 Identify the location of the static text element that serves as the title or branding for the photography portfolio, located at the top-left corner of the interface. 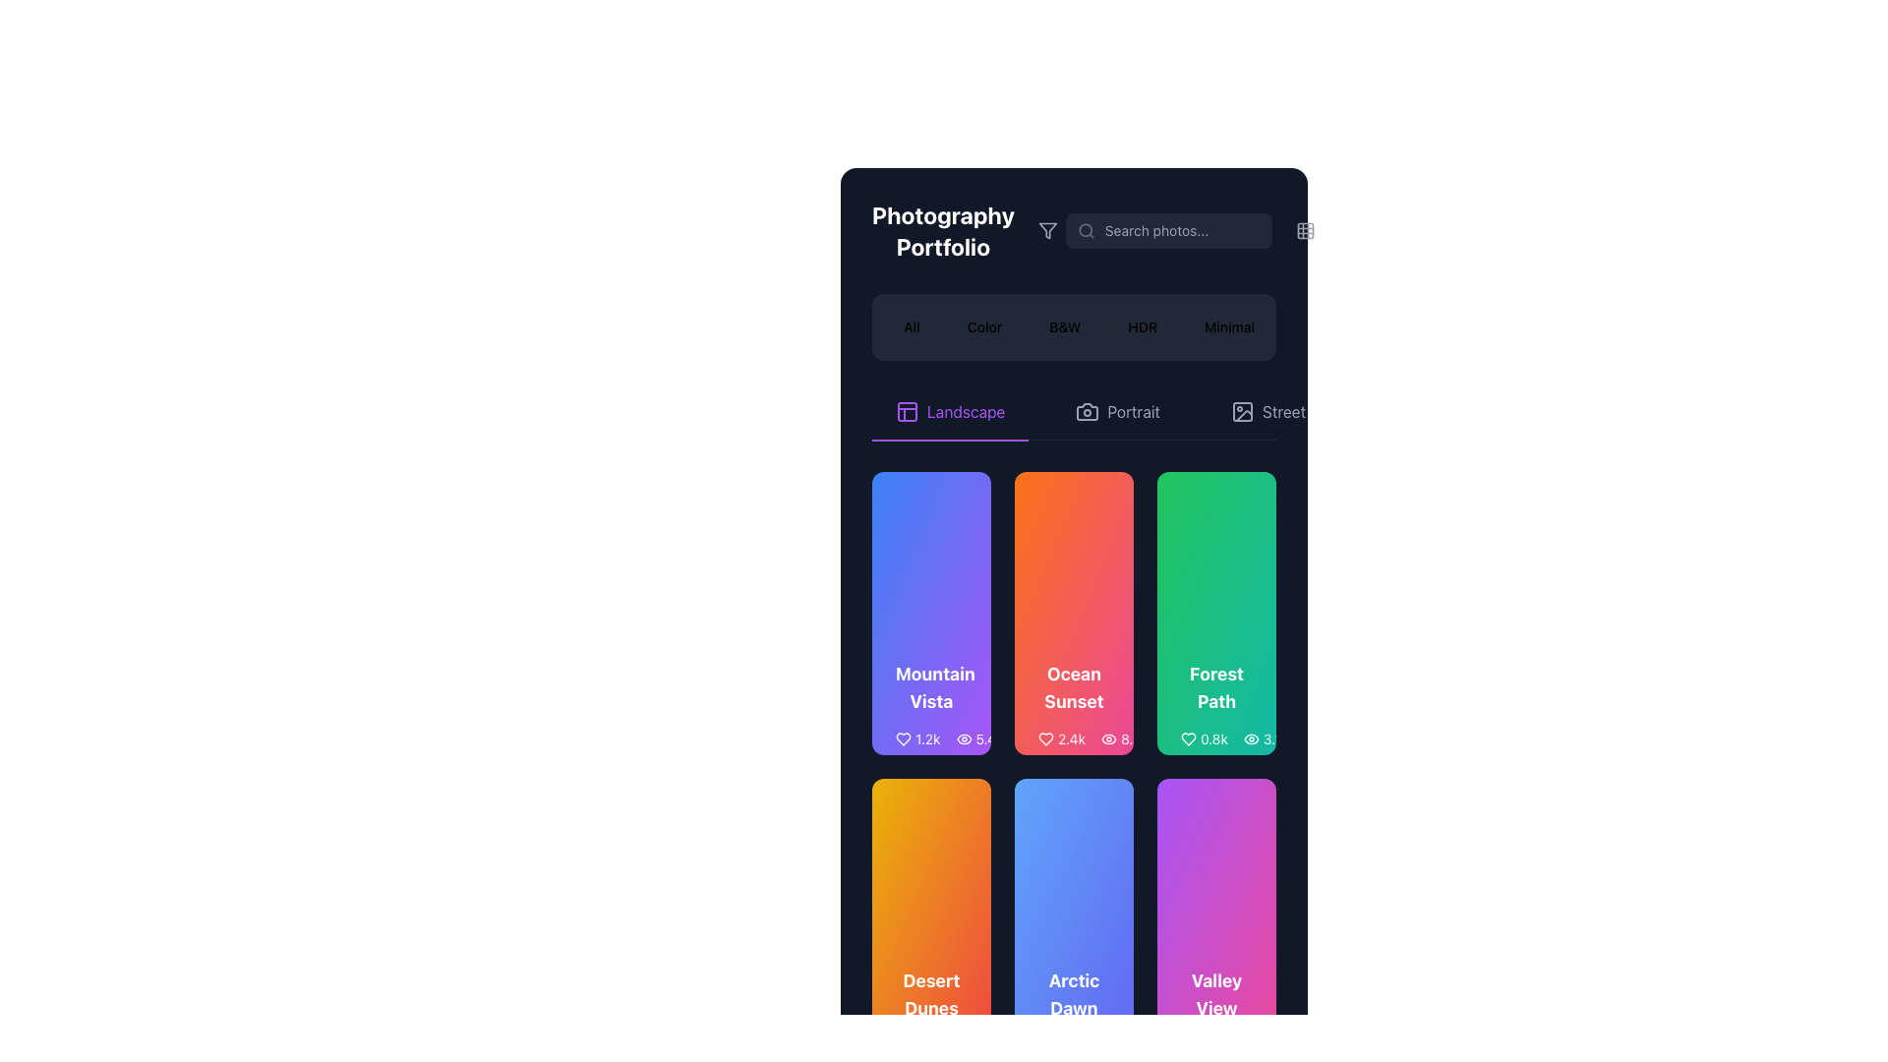
(942, 230).